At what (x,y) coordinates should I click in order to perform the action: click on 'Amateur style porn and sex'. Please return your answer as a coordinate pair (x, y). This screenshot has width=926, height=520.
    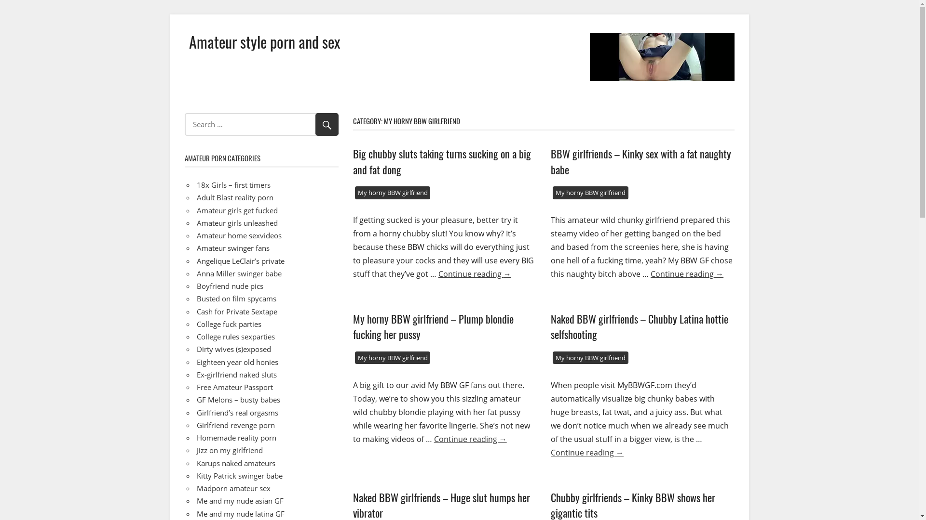
    Looking at the image, I should click on (264, 41).